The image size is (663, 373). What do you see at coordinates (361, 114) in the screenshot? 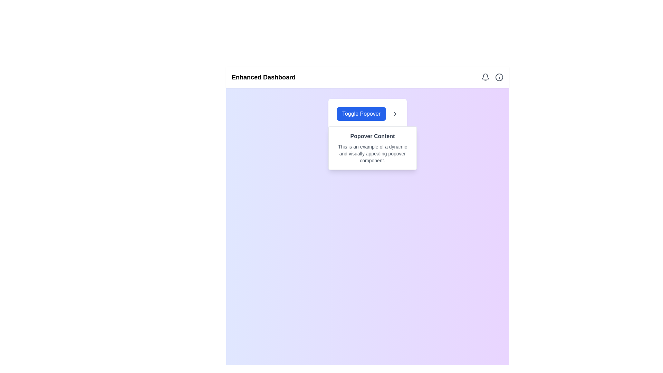
I see `the left-most button in a horizontally aligned group to change its color, which toggles the visibility of an adjacent popover` at bounding box center [361, 114].